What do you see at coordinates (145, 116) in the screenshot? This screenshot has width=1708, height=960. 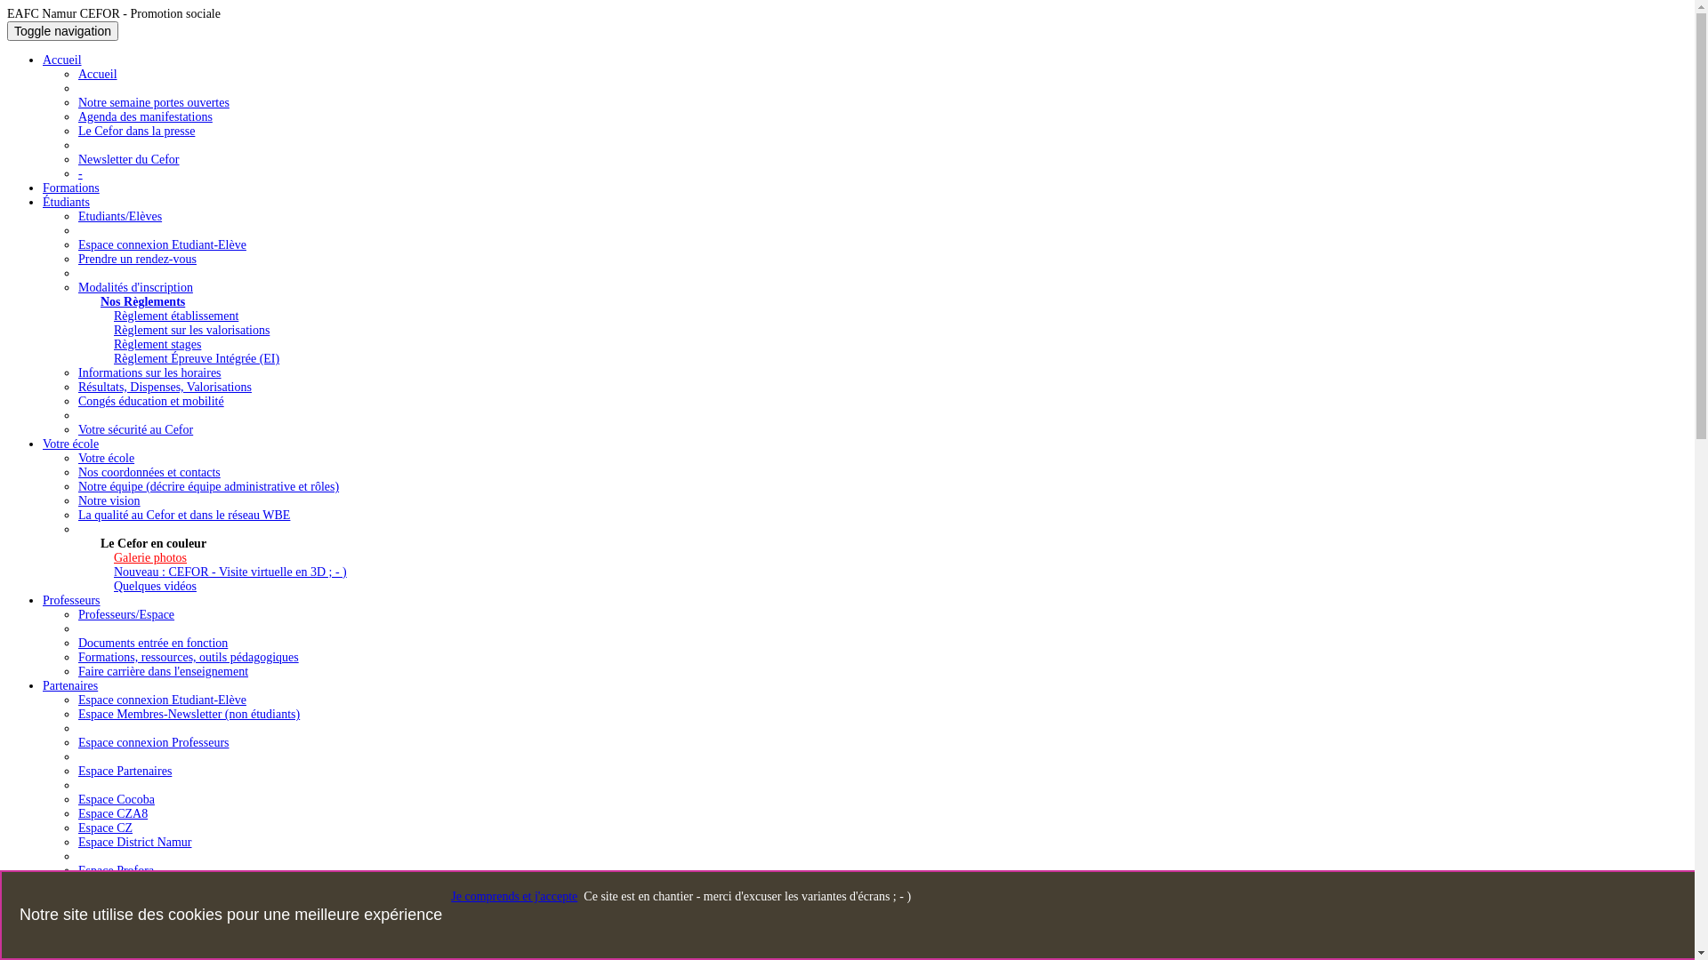 I see `'Agenda des manifestations'` at bounding box center [145, 116].